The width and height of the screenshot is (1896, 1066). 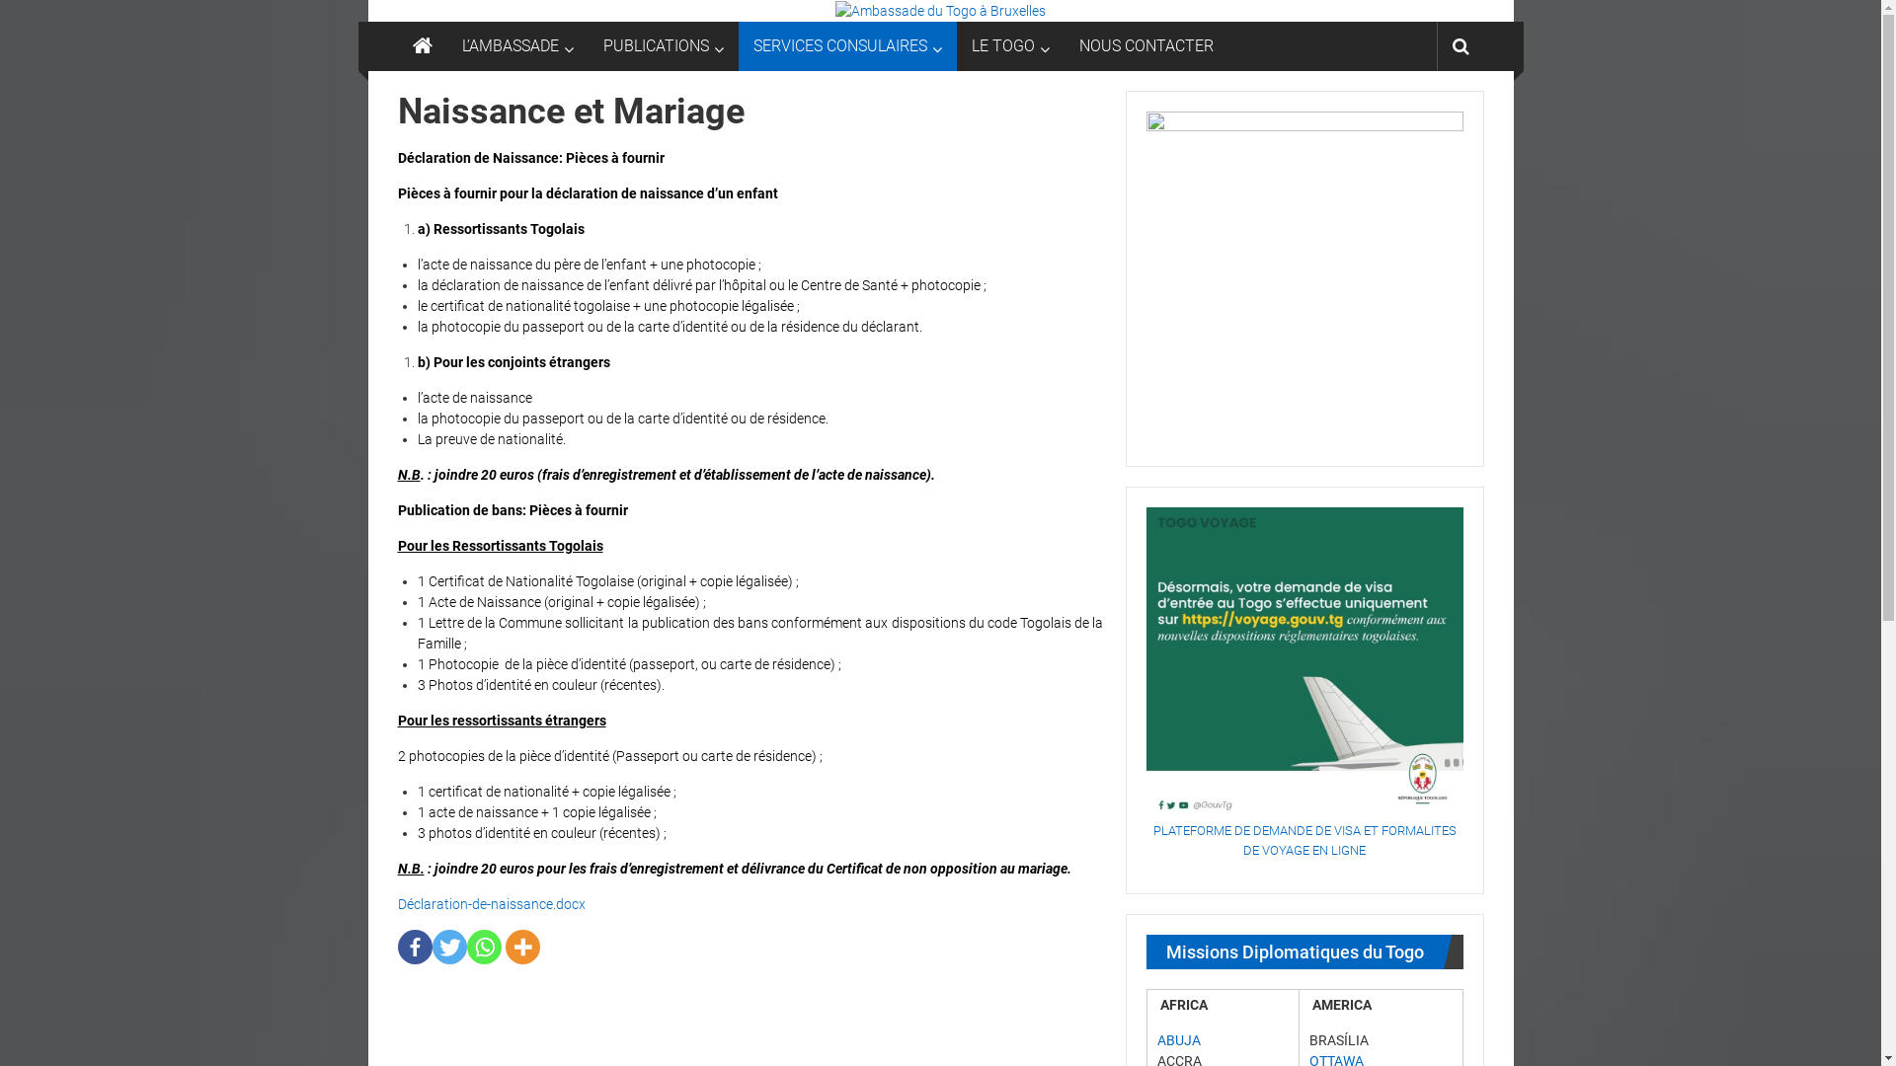 I want to click on 'Facebook', so click(x=413, y=946).